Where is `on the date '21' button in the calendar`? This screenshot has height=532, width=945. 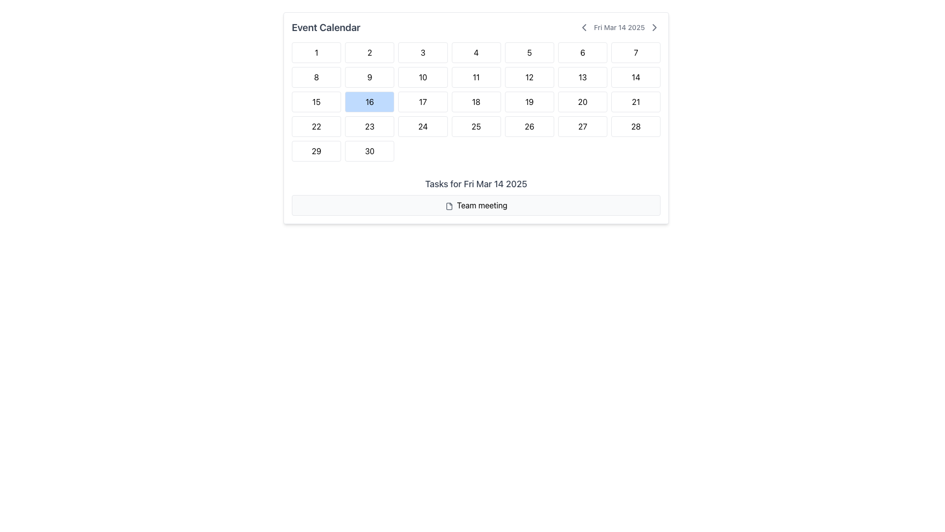 on the date '21' button in the calendar is located at coordinates (636, 102).